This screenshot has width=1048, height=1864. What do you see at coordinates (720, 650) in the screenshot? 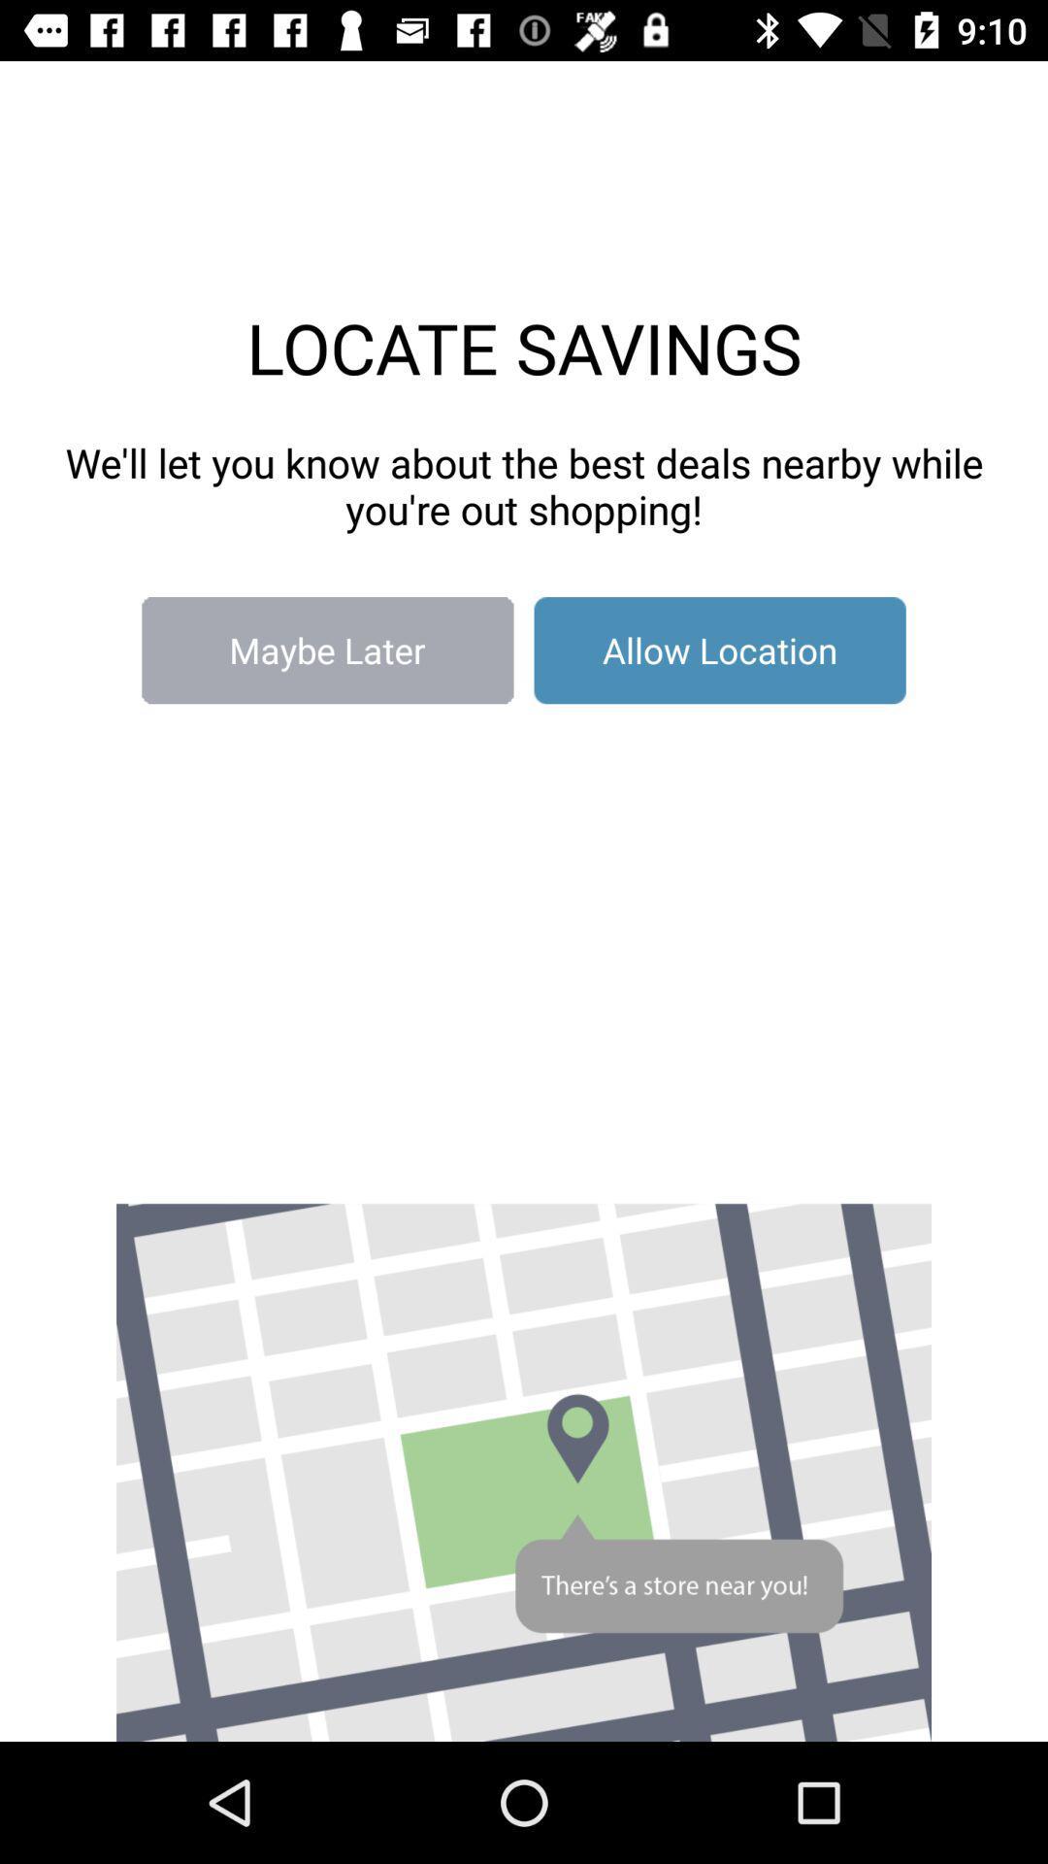
I see `the icon below we ll let app` at bounding box center [720, 650].